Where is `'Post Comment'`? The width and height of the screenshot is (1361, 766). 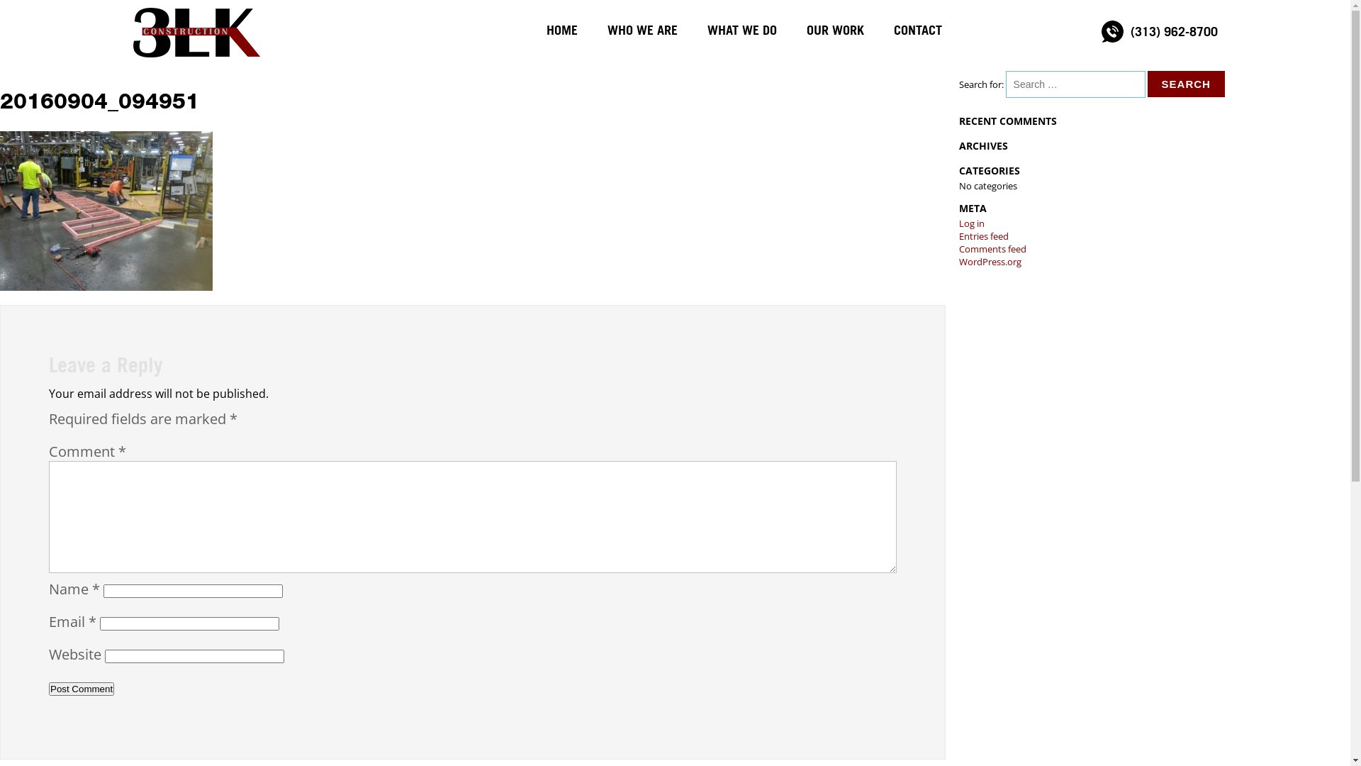
'Post Comment' is located at coordinates (48, 688).